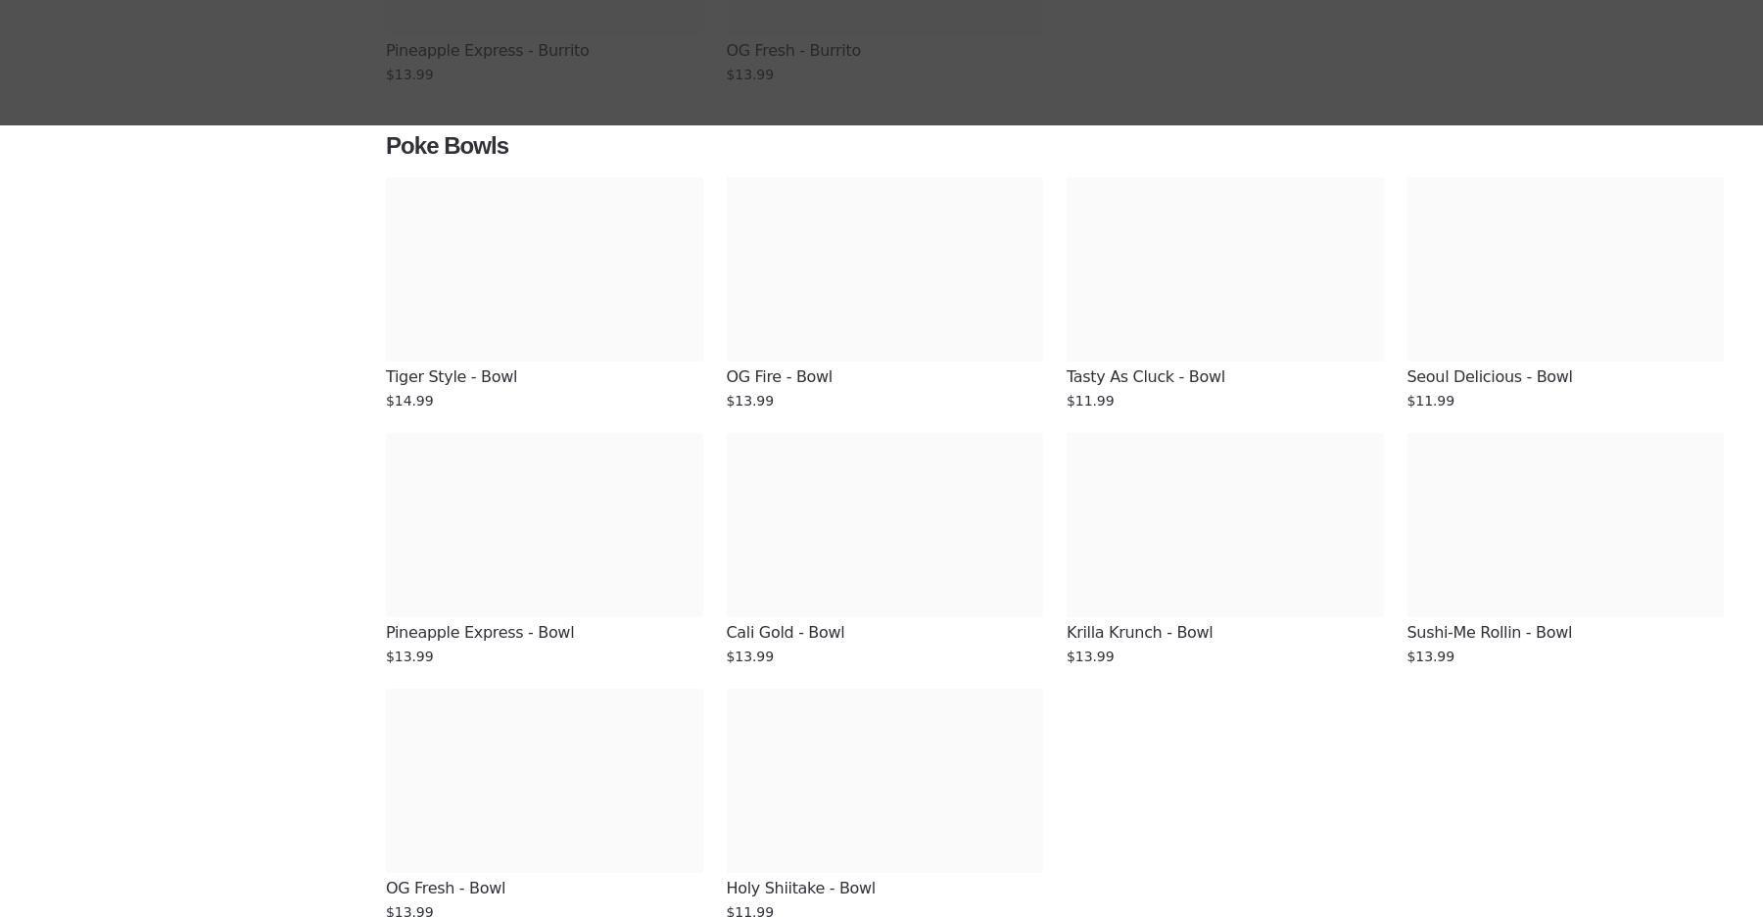 The height and width of the screenshot is (917, 1763). What do you see at coordinates (779, 376) in the screenshot?
I see `'OG Fire - Bowl'` at bounding box center [779, 376].